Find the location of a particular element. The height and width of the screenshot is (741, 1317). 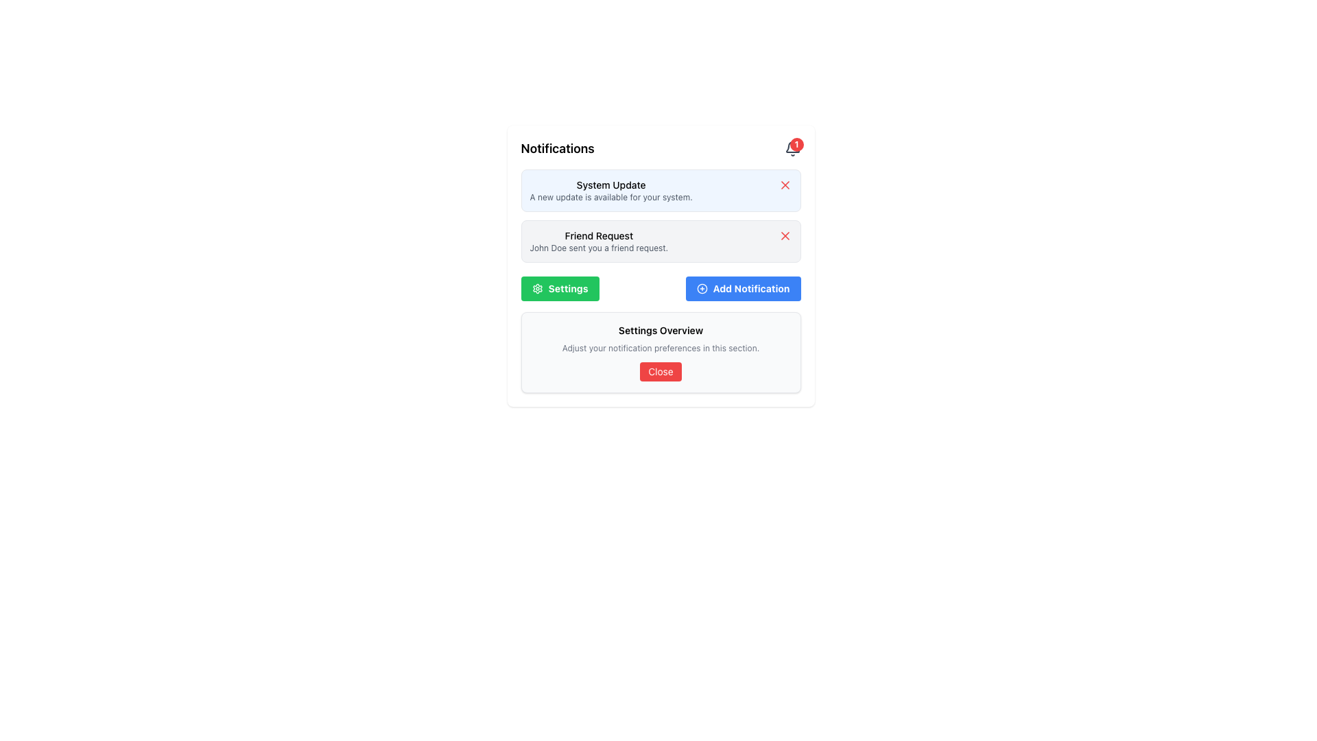

the 'Friend Request' notification text label, which displays 'John Doe sent you a friend request.' below the bold 'Friend Request' title, located within the notification panel is located at coordinates (599, 240).